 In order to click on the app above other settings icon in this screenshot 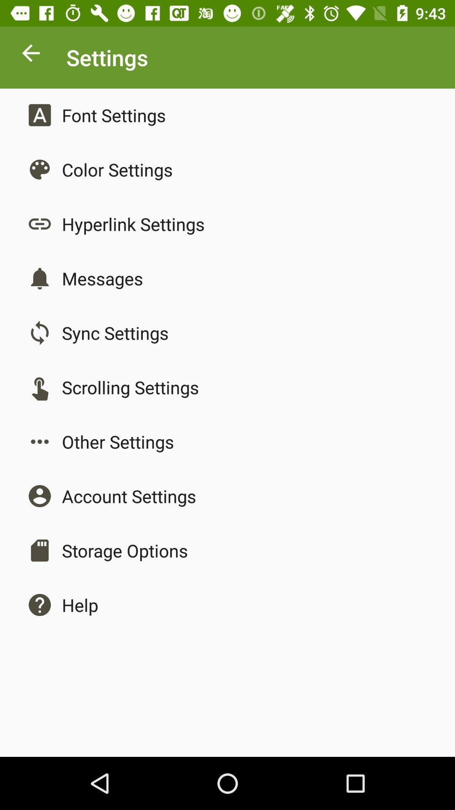, I will do `click(130, 386)`.